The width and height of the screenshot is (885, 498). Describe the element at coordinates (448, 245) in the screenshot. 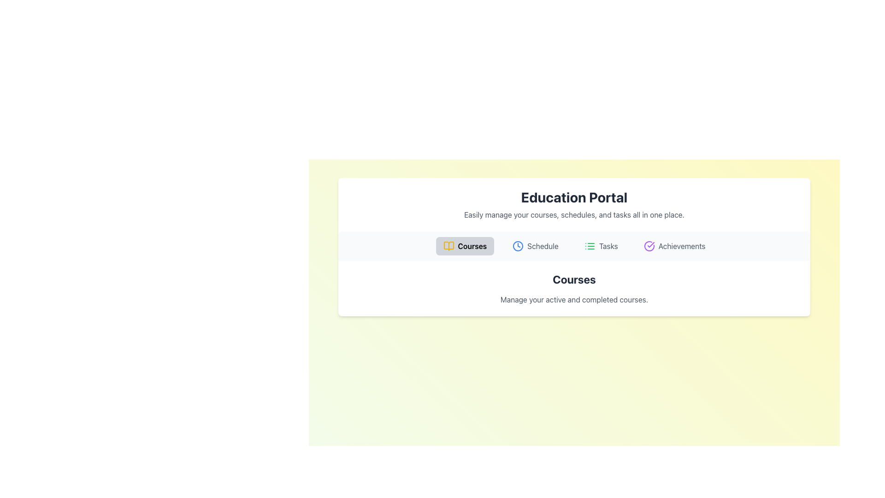

I see `the yellow open book icon in the navigation bar labeled 'Courses' located under the header 'Education Portal'` at that location.